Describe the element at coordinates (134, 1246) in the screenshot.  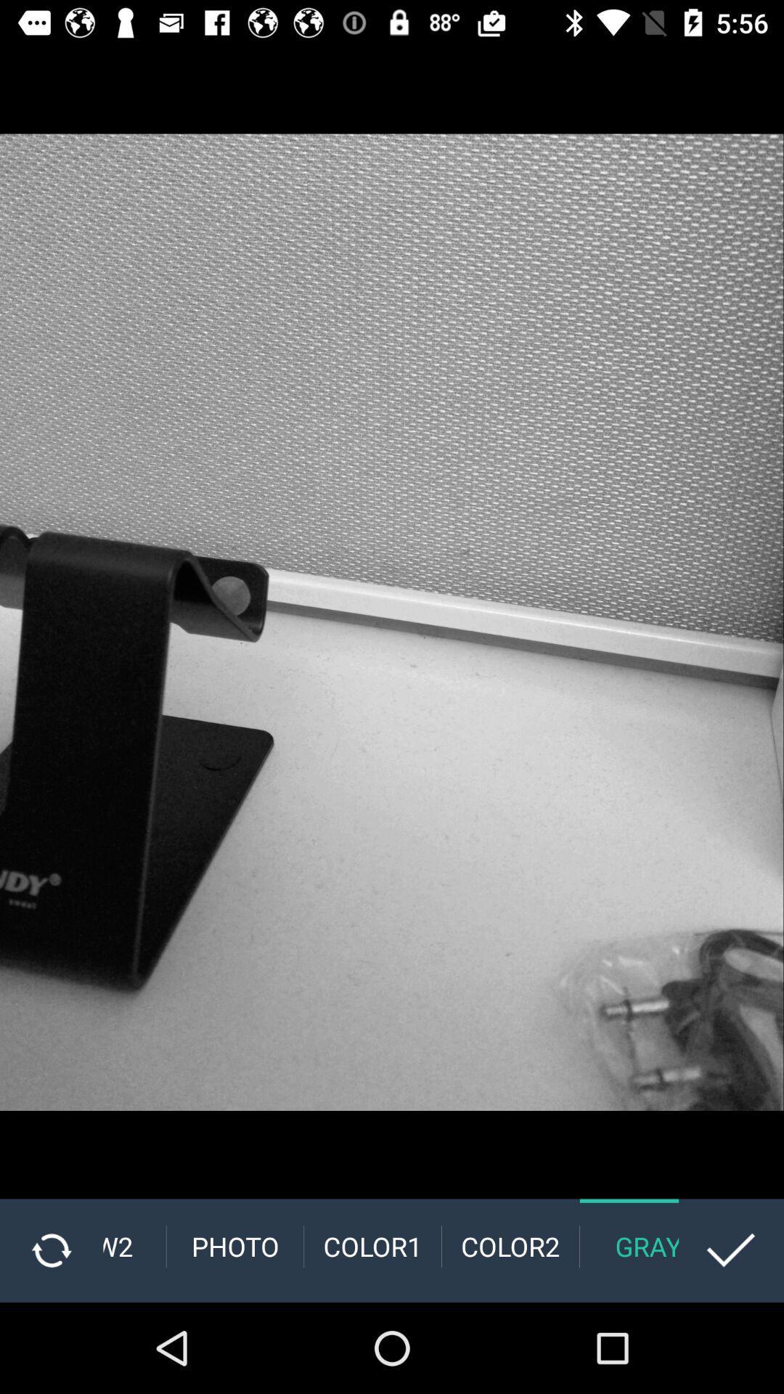
I see `the b&w2 item` at that location.